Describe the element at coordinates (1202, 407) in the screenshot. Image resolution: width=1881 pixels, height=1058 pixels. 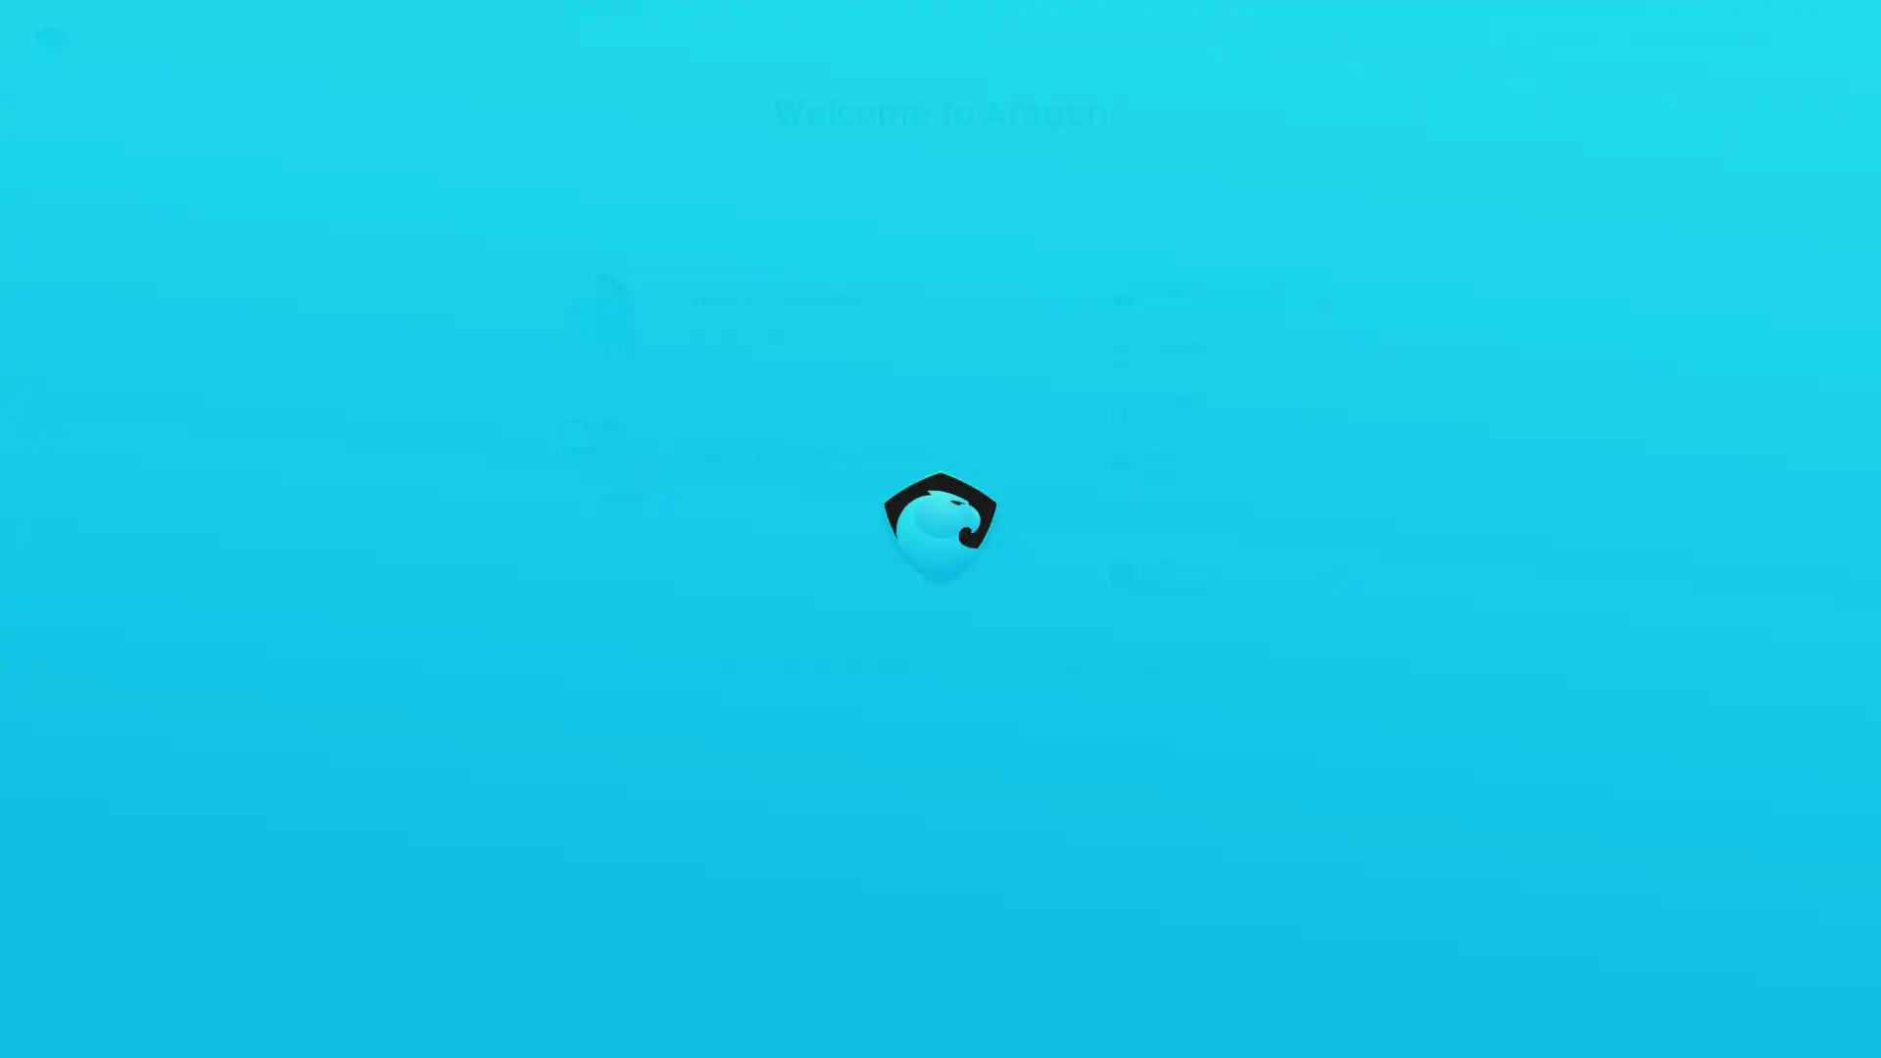
I see `Livepeer DEMOCRACY` at that location.